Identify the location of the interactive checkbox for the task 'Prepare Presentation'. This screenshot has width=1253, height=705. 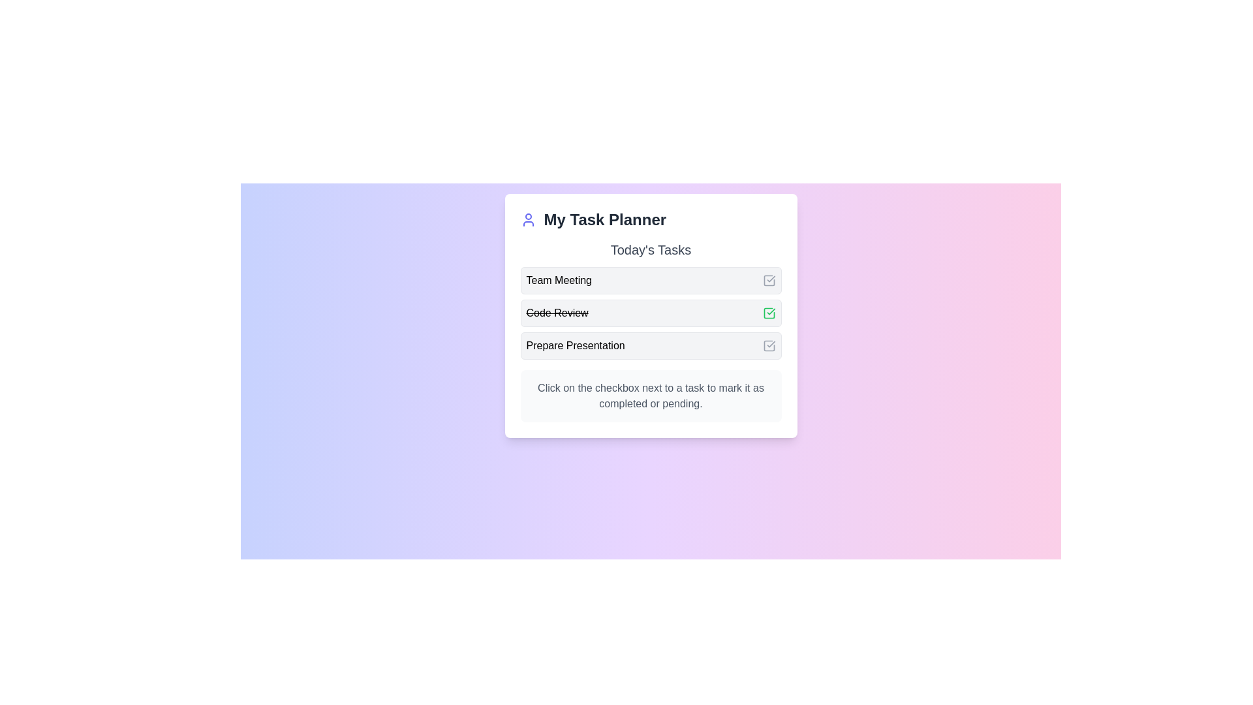
(769, 345).